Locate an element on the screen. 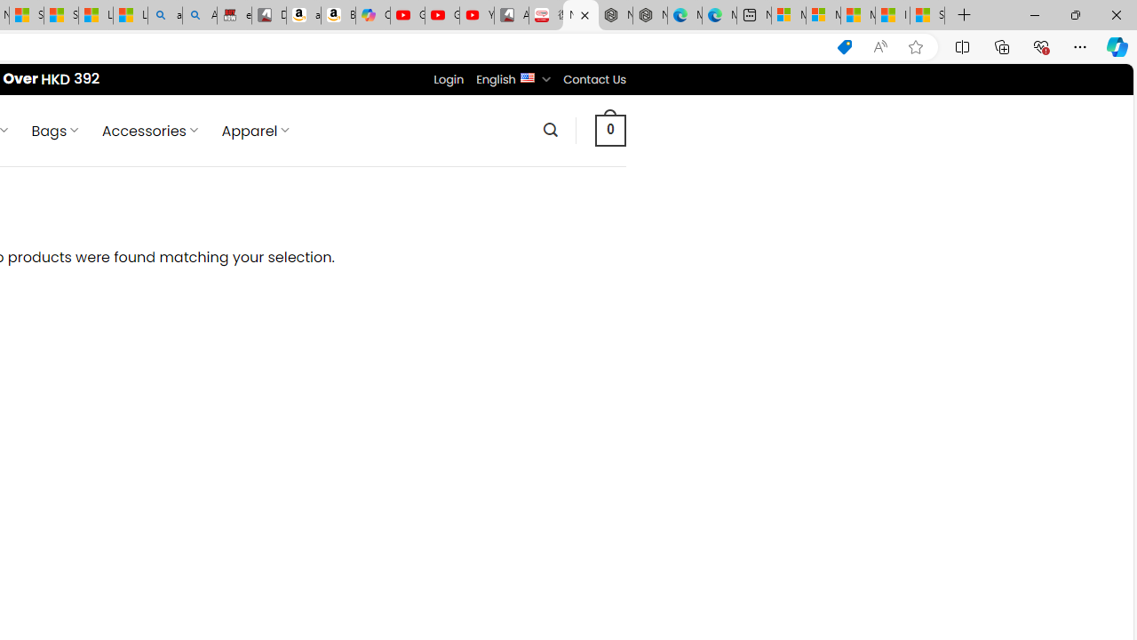 The image size is (1137, 640). 'YouTube Kids - An App Created for Kids to Explore Content' is located at coordinates (476, 15).